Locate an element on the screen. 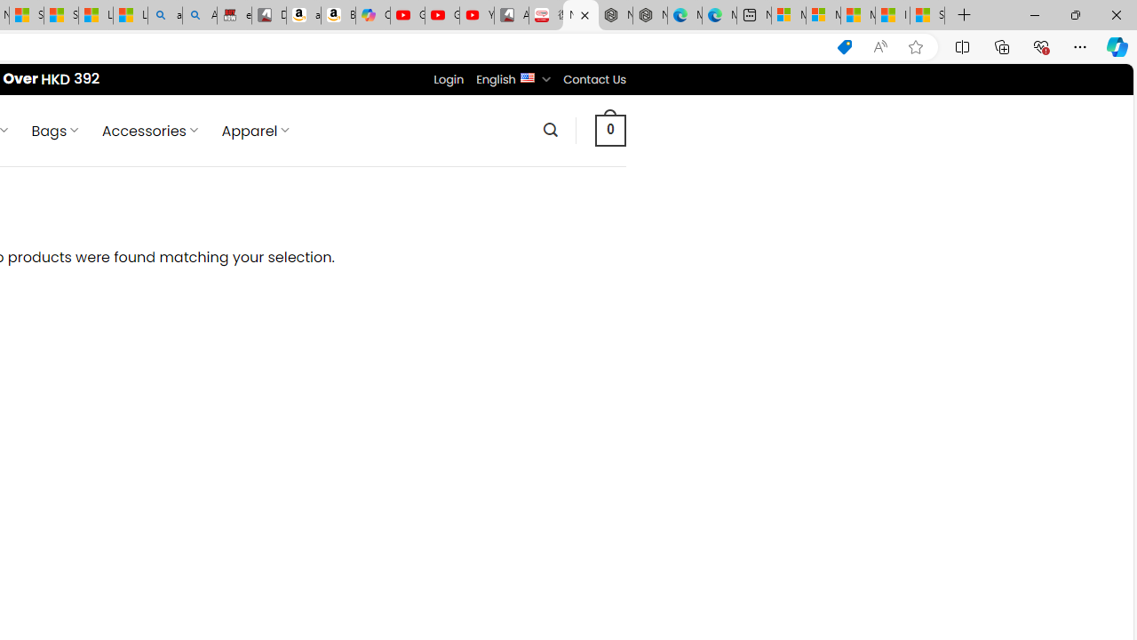 The image size is (1137, 640). 'YouTube Kids - An App Created for Kids to Explore Content' is located at coordinates (476, 15).